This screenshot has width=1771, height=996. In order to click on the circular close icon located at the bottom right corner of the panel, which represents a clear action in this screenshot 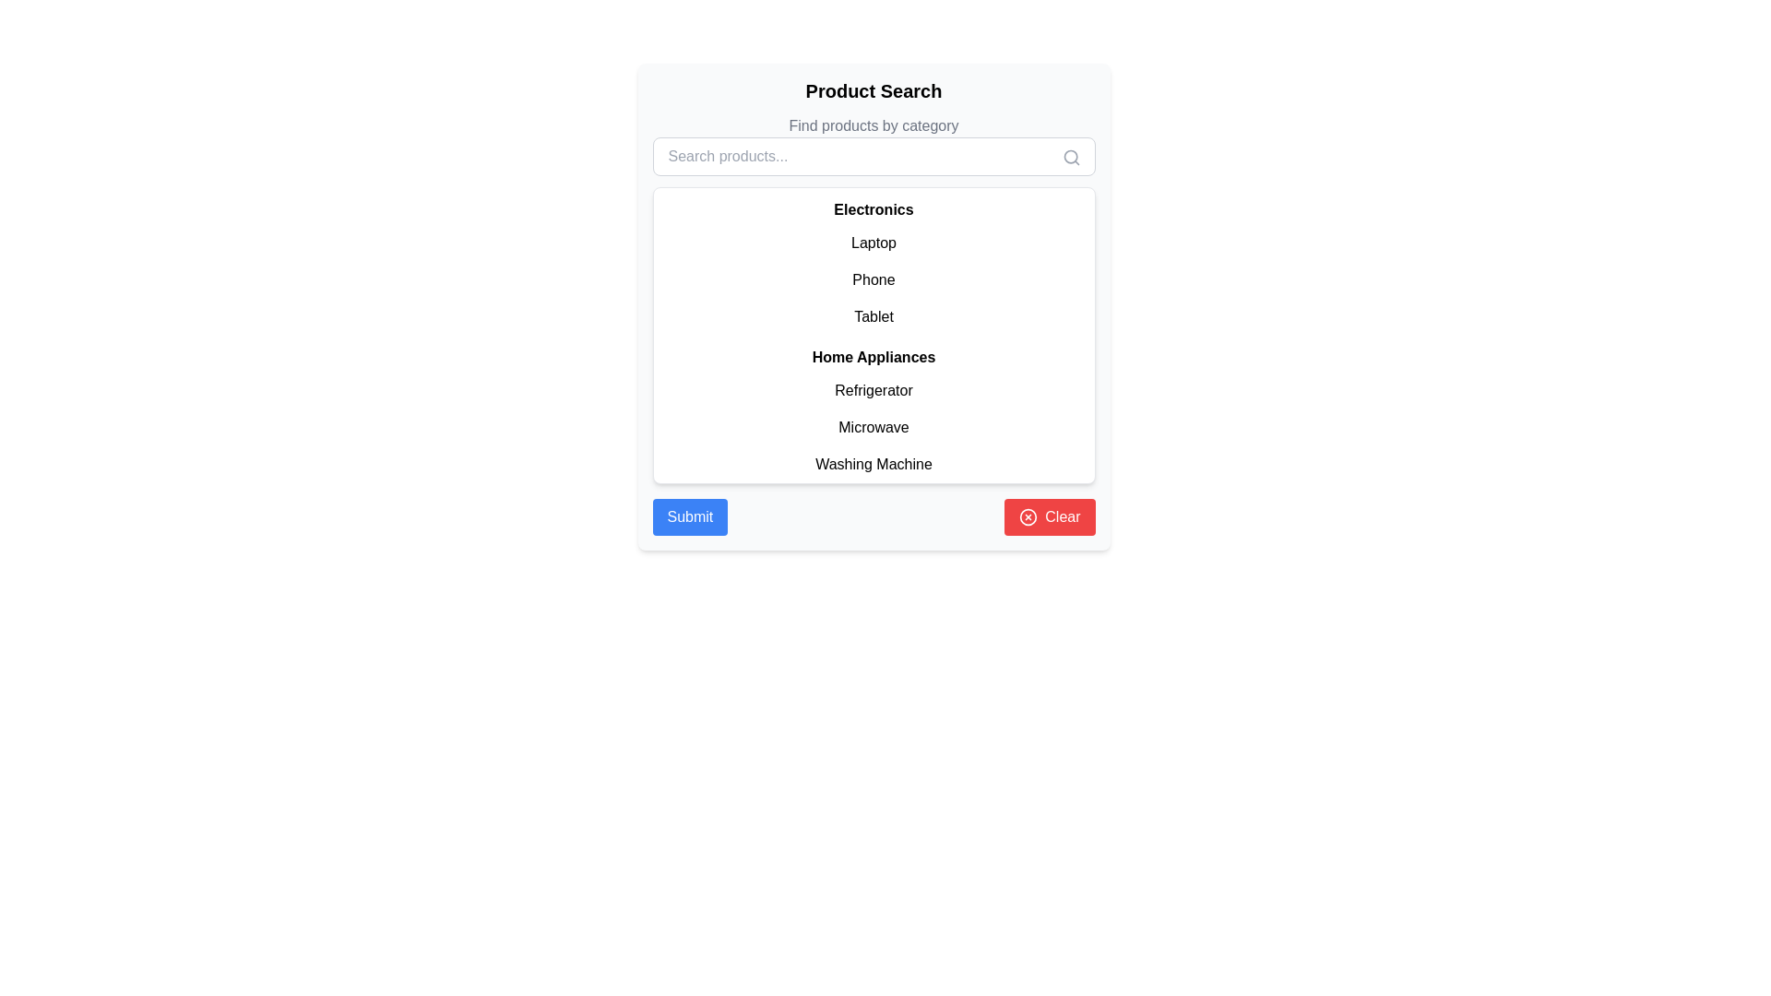, I will do `click(1028, 516)`.